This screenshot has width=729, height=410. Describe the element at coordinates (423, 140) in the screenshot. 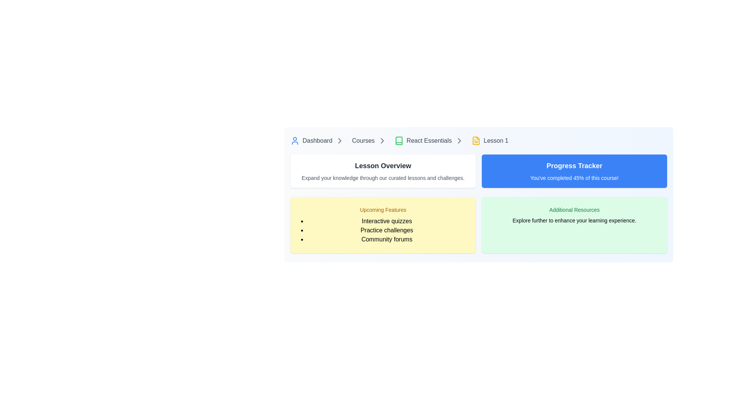

I see `the 'React Essentials' hyperlink in the breadcrumb navigation bar` at that location.